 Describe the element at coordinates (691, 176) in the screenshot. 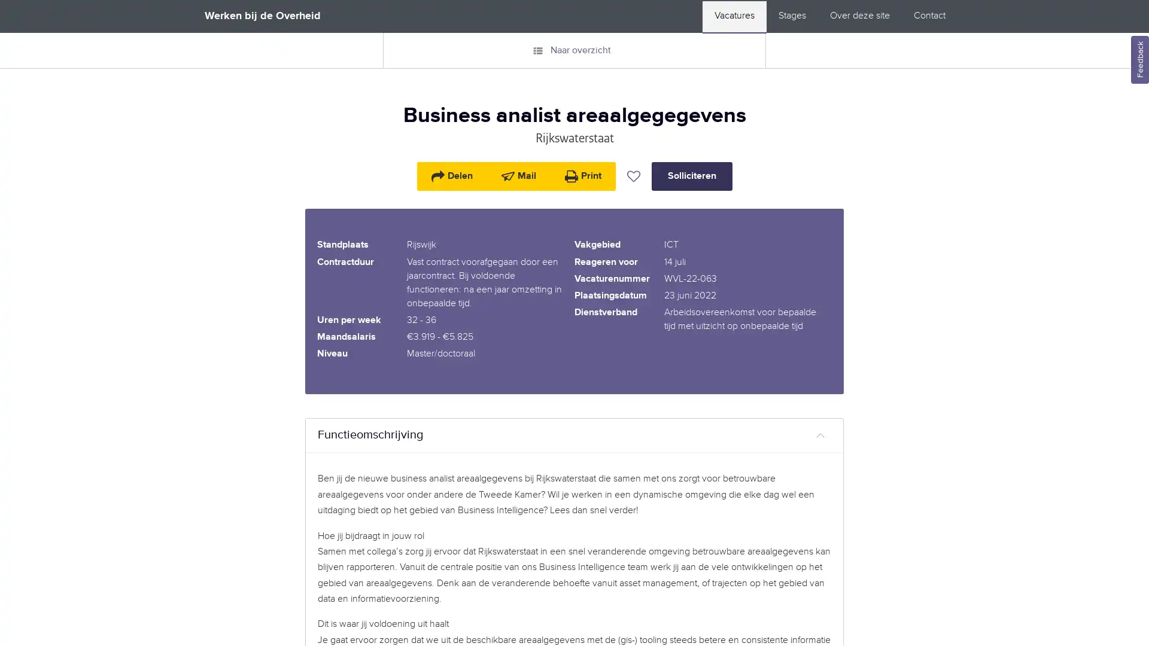

I see `Solliciteren` at that location.